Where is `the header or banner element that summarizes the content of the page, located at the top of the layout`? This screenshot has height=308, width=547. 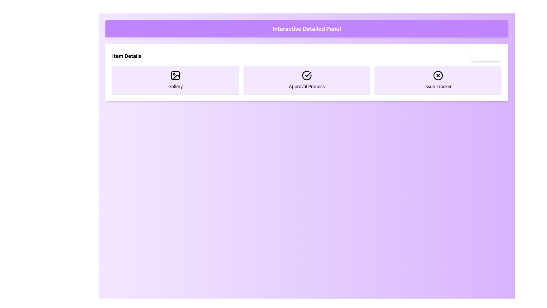 the header or banner element that summarizes the content of the page, located at the top of the layout is located at coordinates (306, 29).